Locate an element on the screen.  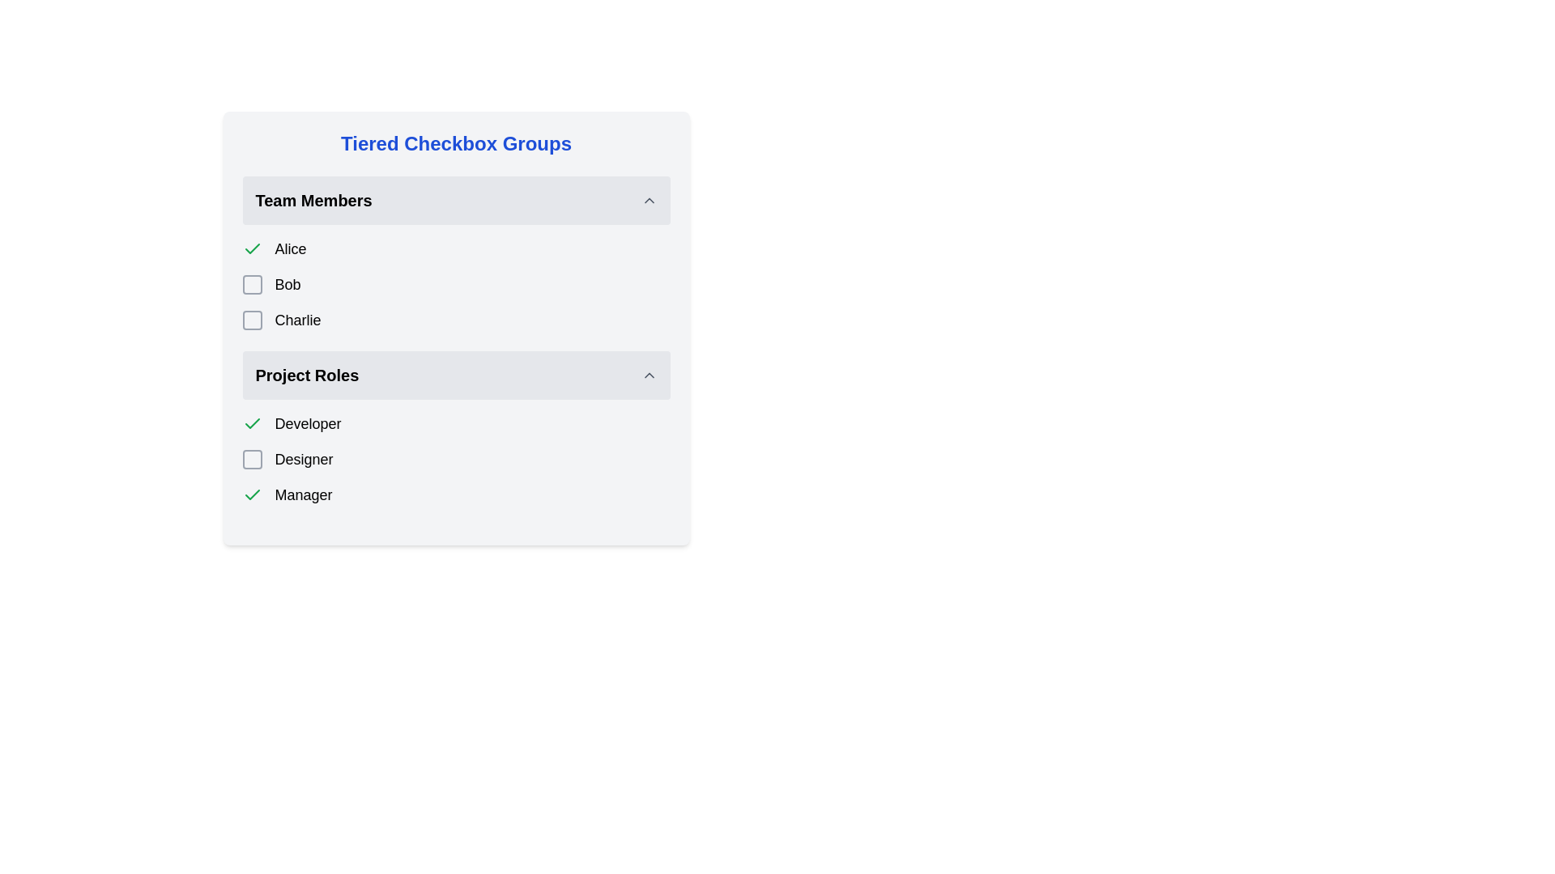
the selectable list item with a checkbox representing team member 'Bob' is located at coordinates (455, 283).